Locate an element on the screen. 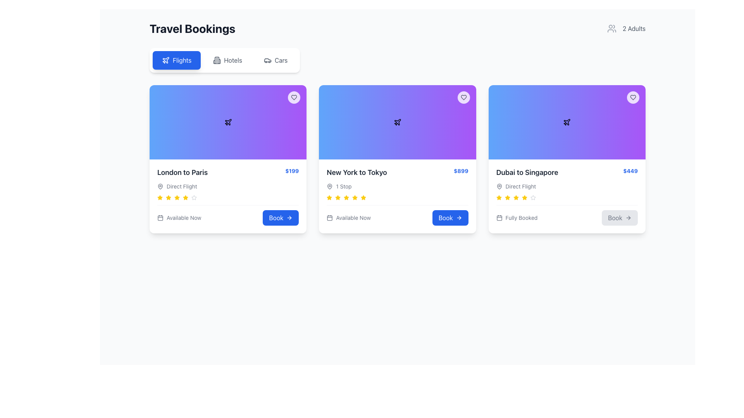 This screenshot has height=418, width=744. the blue rectangular button with rounded corners labeled 'Book' is located at coordinates (280, 218).